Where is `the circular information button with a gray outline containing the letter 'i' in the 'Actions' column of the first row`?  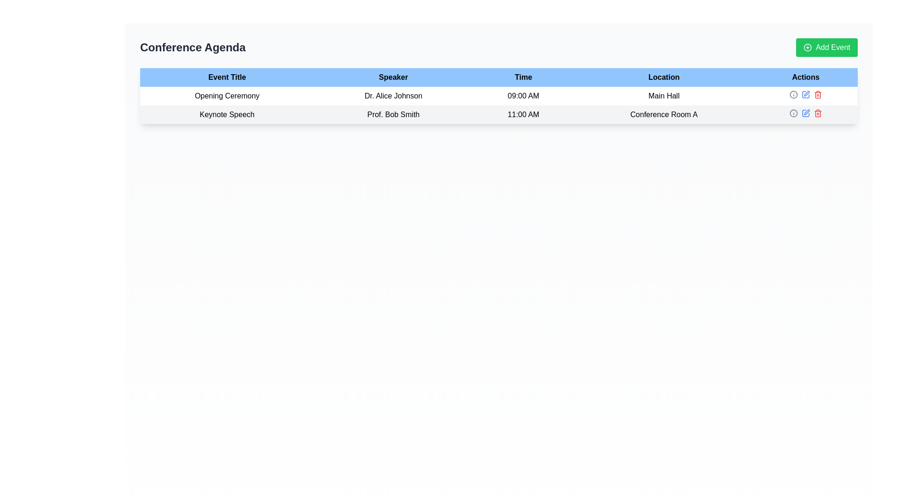
the circular information button with a gray outline containing the letter 'i' in the 'Actions' column of the first row is located at coordinates (793, 95).